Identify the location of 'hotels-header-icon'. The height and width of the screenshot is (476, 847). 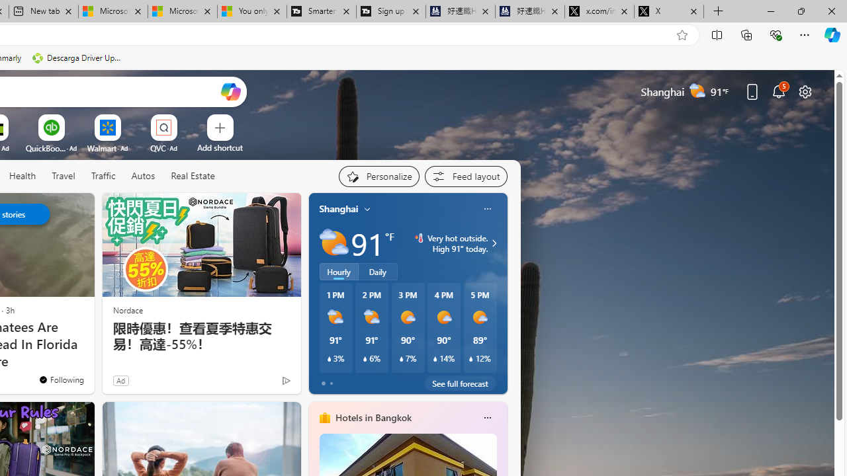
(324, 418).